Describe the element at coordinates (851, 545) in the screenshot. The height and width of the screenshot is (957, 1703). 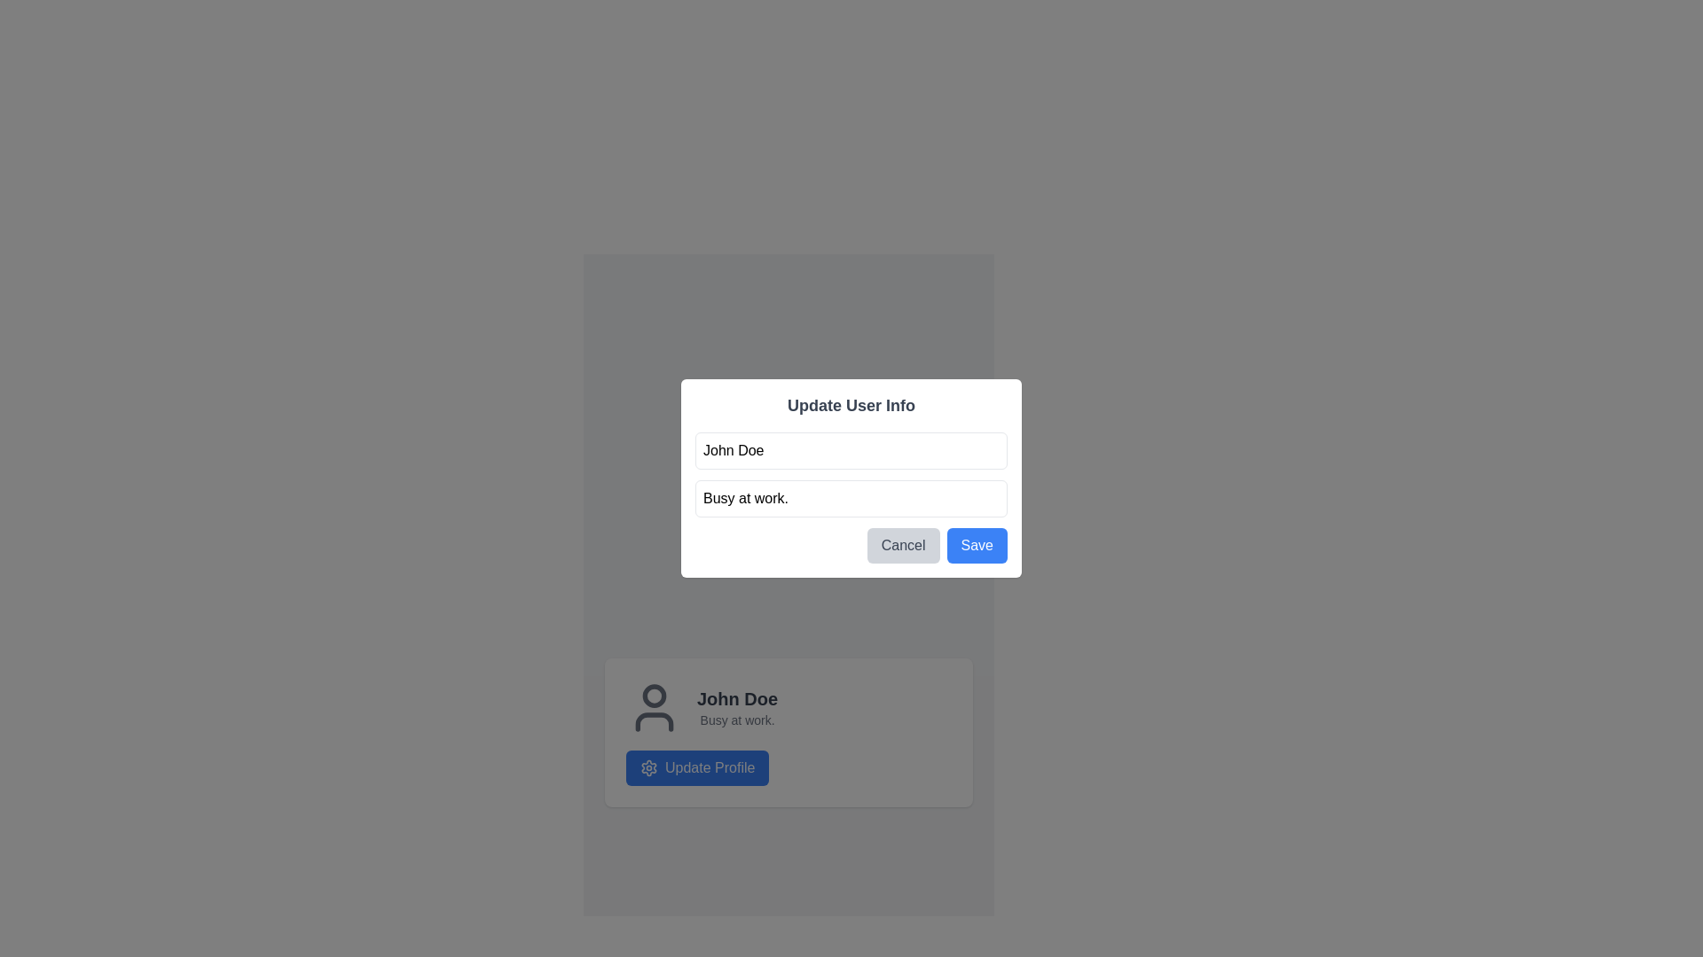
I see `the 'Cancel' button in the button group located in the lower right section of the 'Update User Info' modal to discard changes` at that location.